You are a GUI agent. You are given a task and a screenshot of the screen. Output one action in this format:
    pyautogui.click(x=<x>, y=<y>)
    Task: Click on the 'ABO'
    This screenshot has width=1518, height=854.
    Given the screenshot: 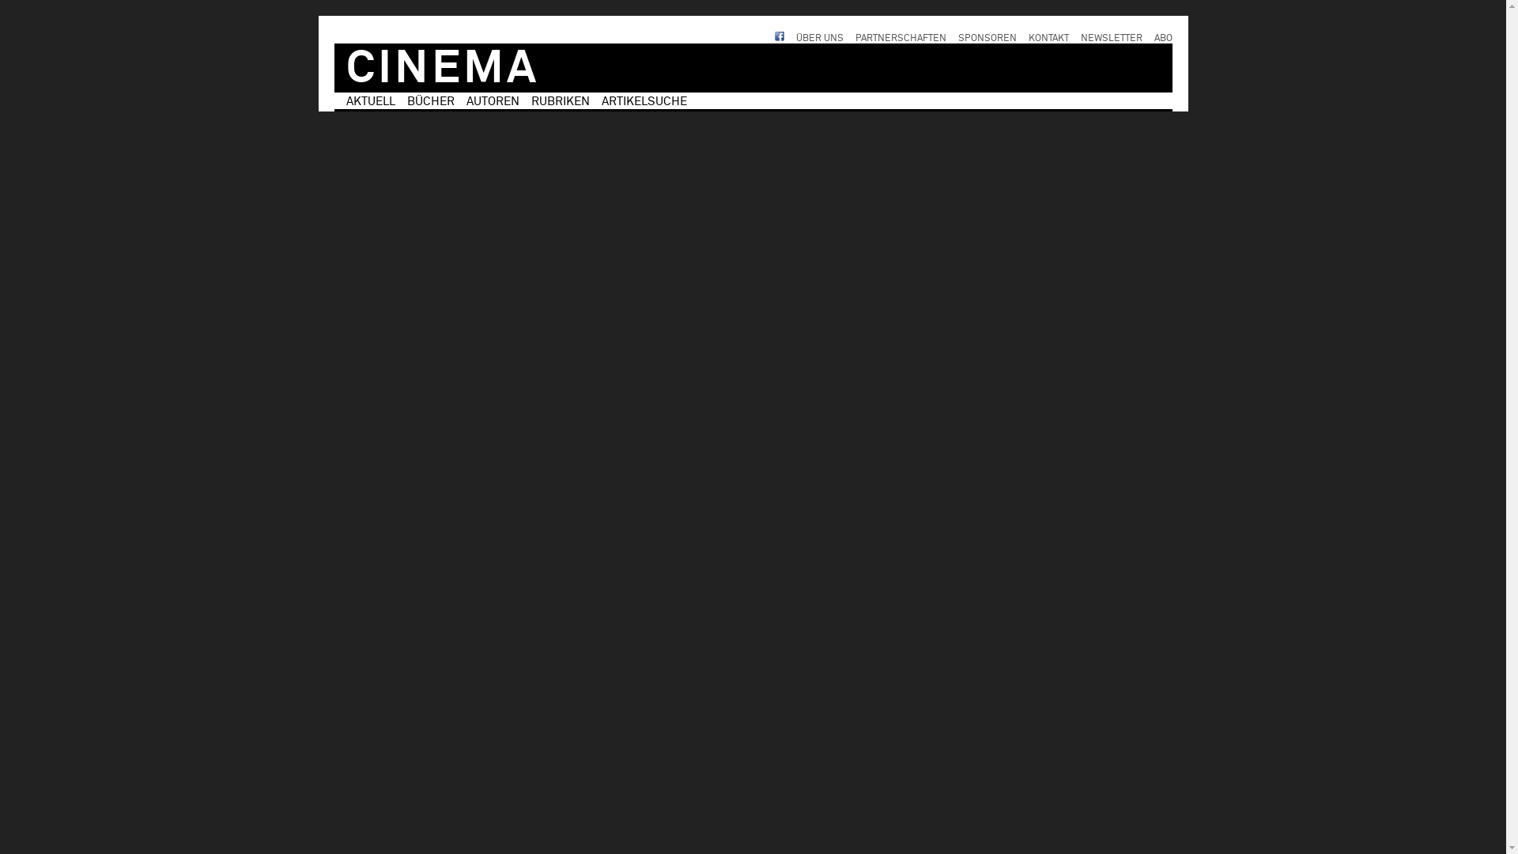 What is the action you would take?
    pyautogui.click(x=1163, y=38)
    